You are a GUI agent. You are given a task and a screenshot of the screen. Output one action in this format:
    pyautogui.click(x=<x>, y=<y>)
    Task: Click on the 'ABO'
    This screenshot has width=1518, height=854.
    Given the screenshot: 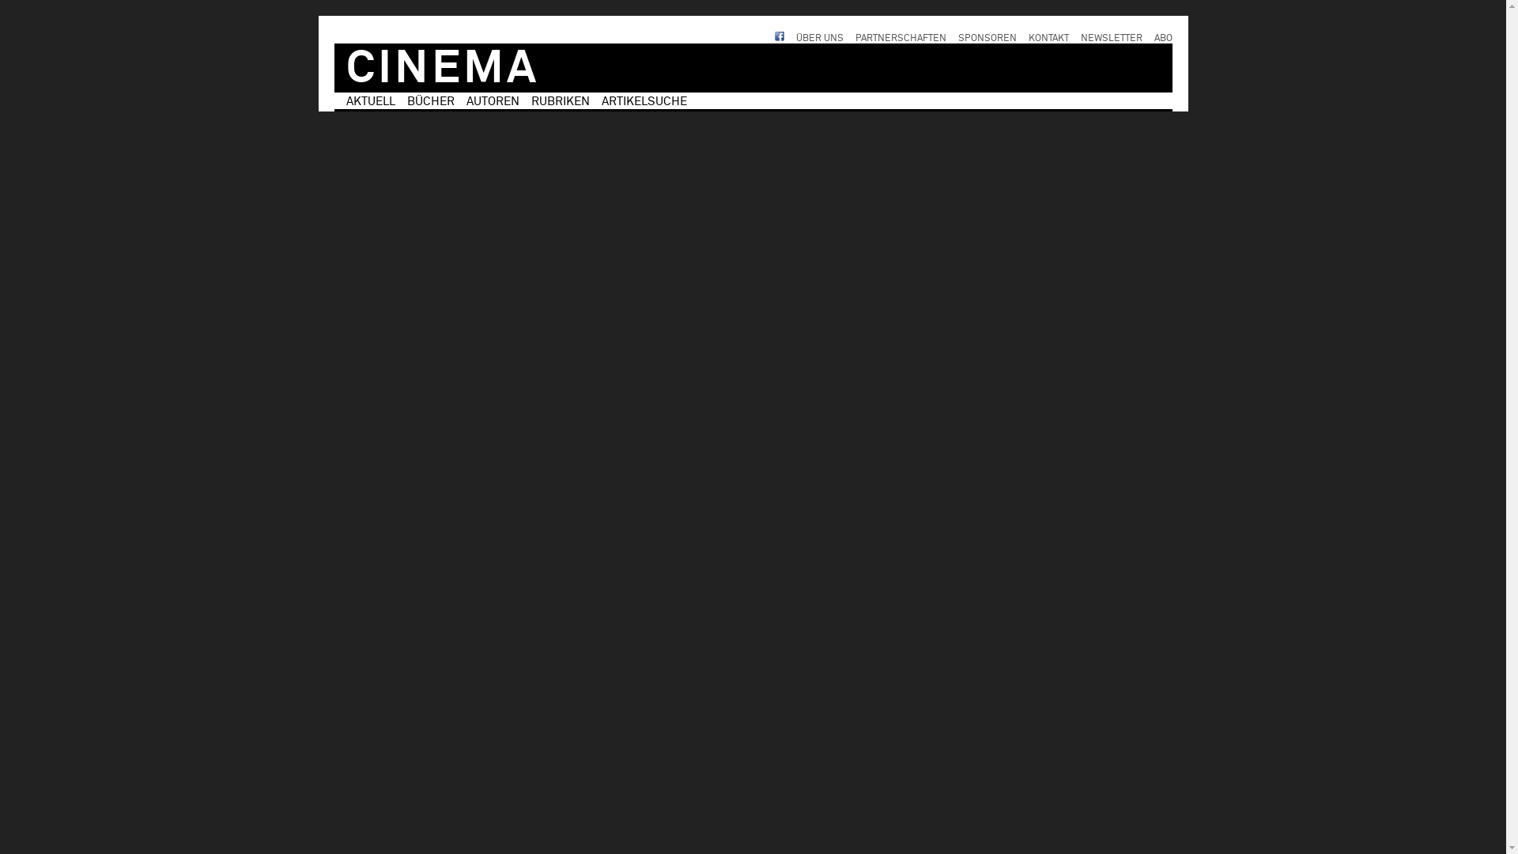 What is the action you would take?
    pyautogui.click(x=1163, y=38)
    